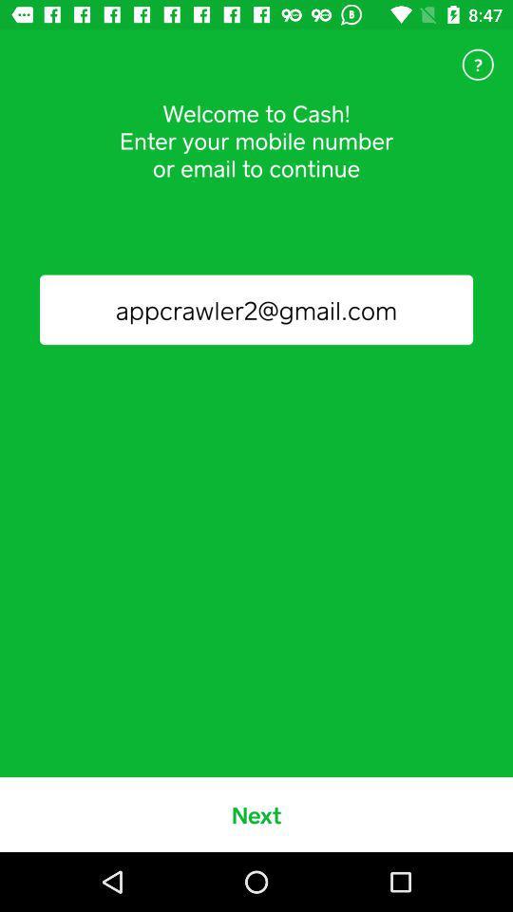 The width and height of the screenshot is (513, 912). I want to click on item below welcome to cash item, so click(256, 310).